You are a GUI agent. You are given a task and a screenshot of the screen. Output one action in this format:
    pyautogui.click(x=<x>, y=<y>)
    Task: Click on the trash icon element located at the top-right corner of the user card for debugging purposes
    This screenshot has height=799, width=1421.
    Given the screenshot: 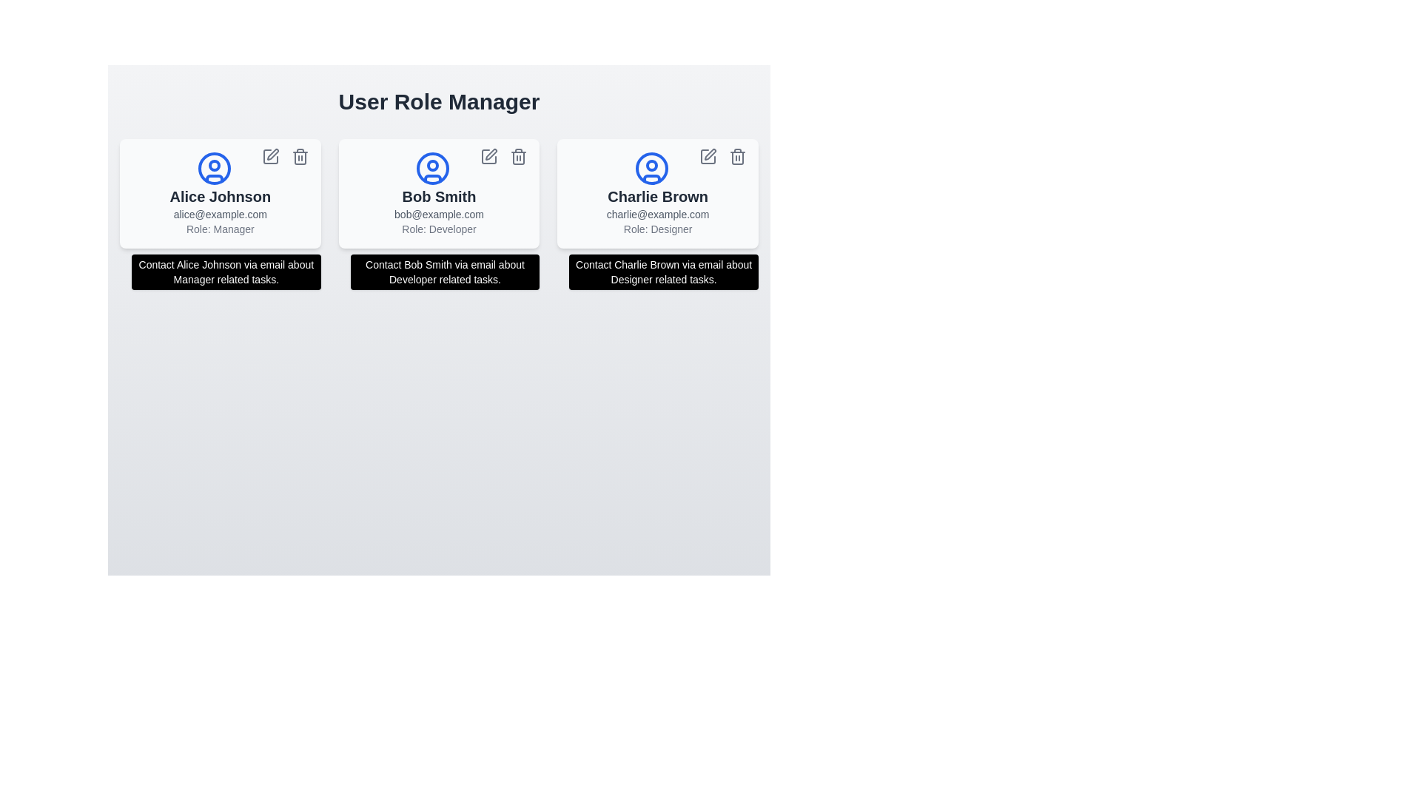 What is the action you would take?
    pyautogui.click(x=738, y=158)
    